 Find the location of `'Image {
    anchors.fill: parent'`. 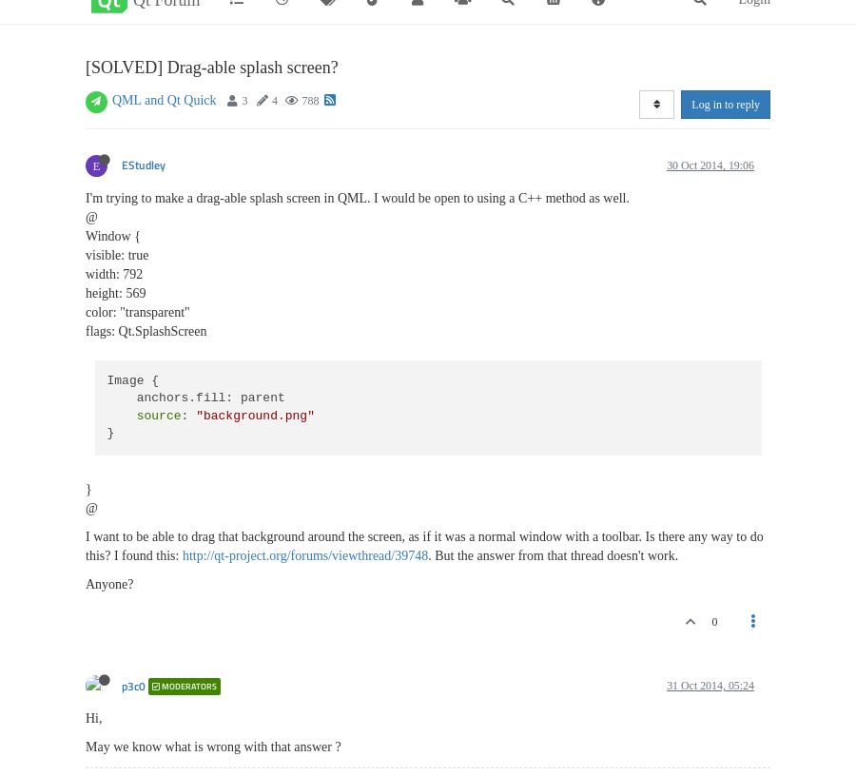

'Image {
    anchors.fill: parent' is located at coordinates (105, 397).